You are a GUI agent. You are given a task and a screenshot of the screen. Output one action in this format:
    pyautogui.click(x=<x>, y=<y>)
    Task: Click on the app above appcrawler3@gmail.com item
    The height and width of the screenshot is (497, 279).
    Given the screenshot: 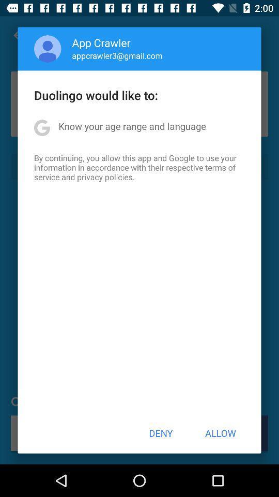 What is the action you would take?
    pyautogui.click(x=101, y=42)
    